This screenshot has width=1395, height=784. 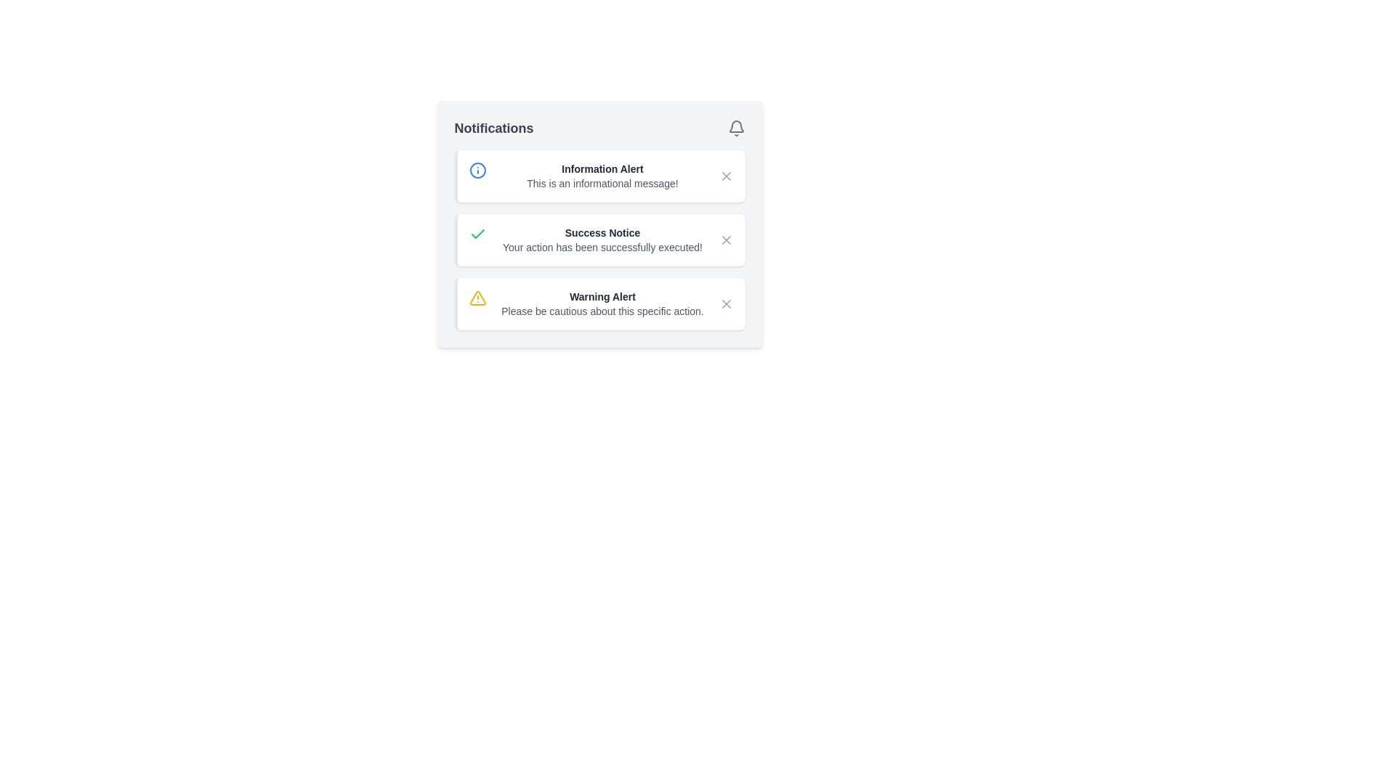 What do you see at coordinates (726, 303) in the screenshot?
I see `the close button (icon) located at the far-right end of the third notification, which is associated with the warning alert message` at bounding box center [726, 303].